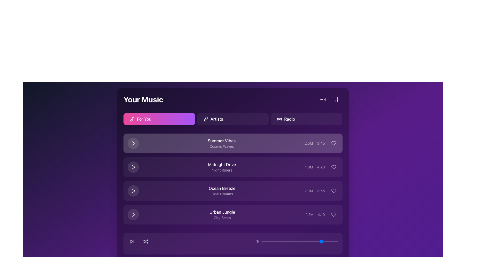 The image size is (496, 279). I want to click on the circular button displaying a forward-skip icon, so click(132, 241).